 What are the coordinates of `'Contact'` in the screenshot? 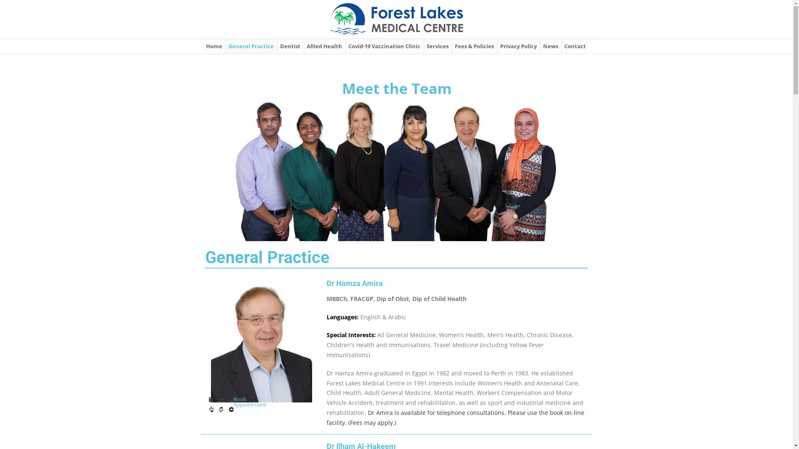 It's located at (574, 46).